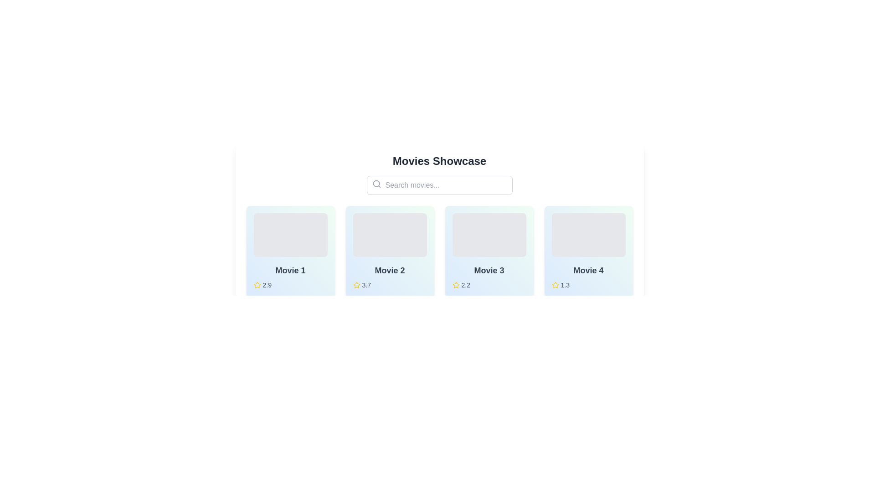 The width and height of the screenshot is (875, 492). Describe the element at coordinates (390, 251) in the screenshot. I see `the Informational Card displaying 'Movie 2' with a rating of '3.7', which is the second card in the horizontal grid of movie cards` at that location.